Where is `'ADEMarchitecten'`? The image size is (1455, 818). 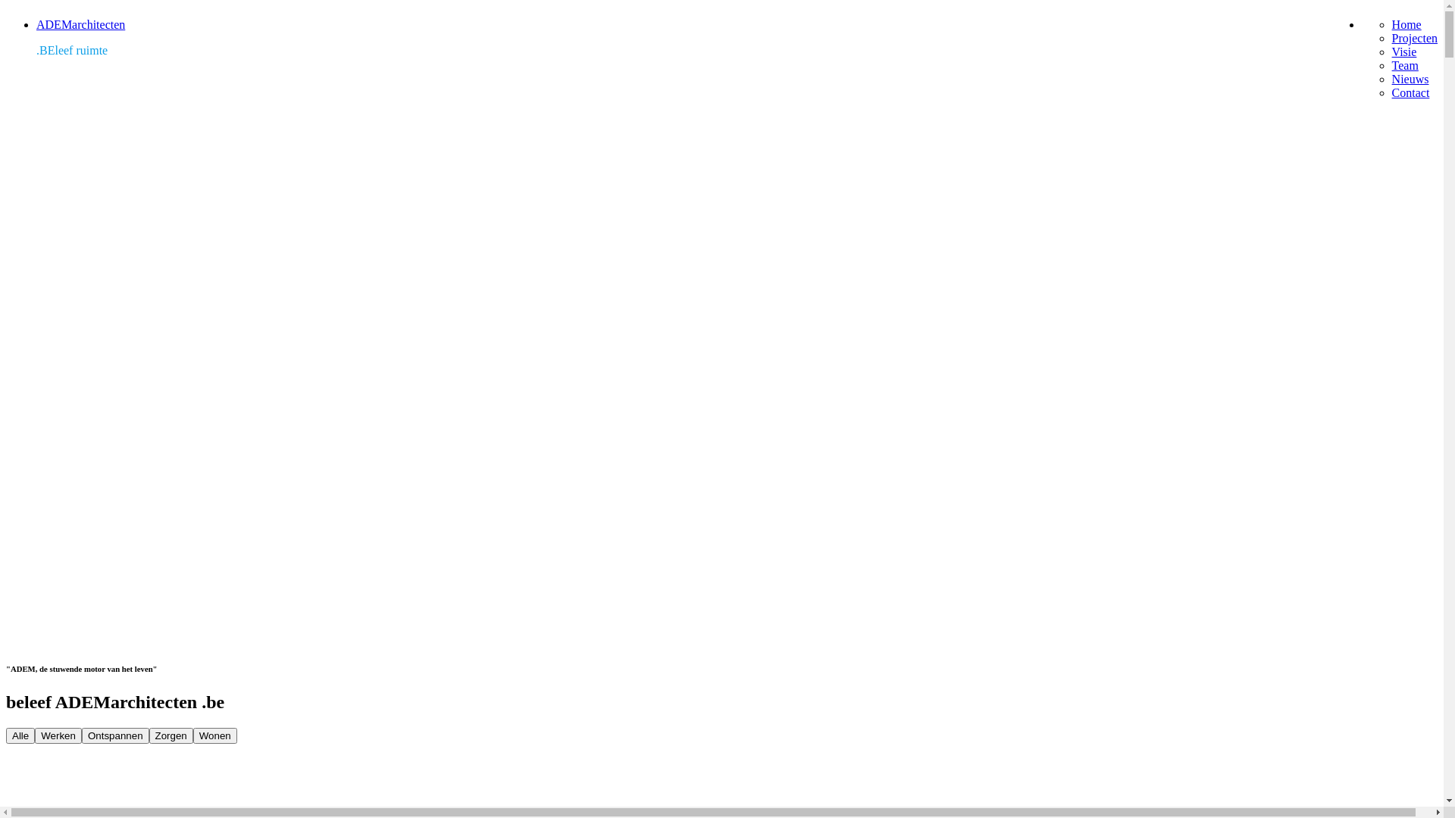
'ADEMarchitecten' is located at coordinates (80, 24).